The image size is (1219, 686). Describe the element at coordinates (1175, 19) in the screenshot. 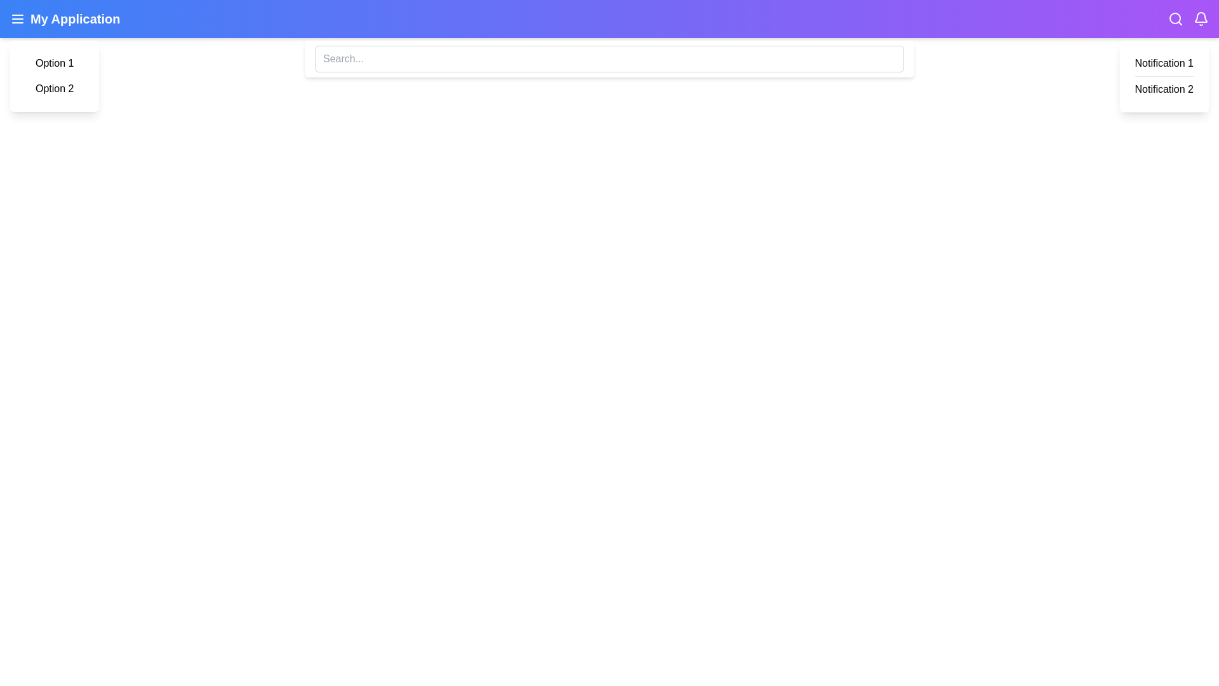

I see `the magnifying glass icon located at the top-right corner of the application interface` at that location.